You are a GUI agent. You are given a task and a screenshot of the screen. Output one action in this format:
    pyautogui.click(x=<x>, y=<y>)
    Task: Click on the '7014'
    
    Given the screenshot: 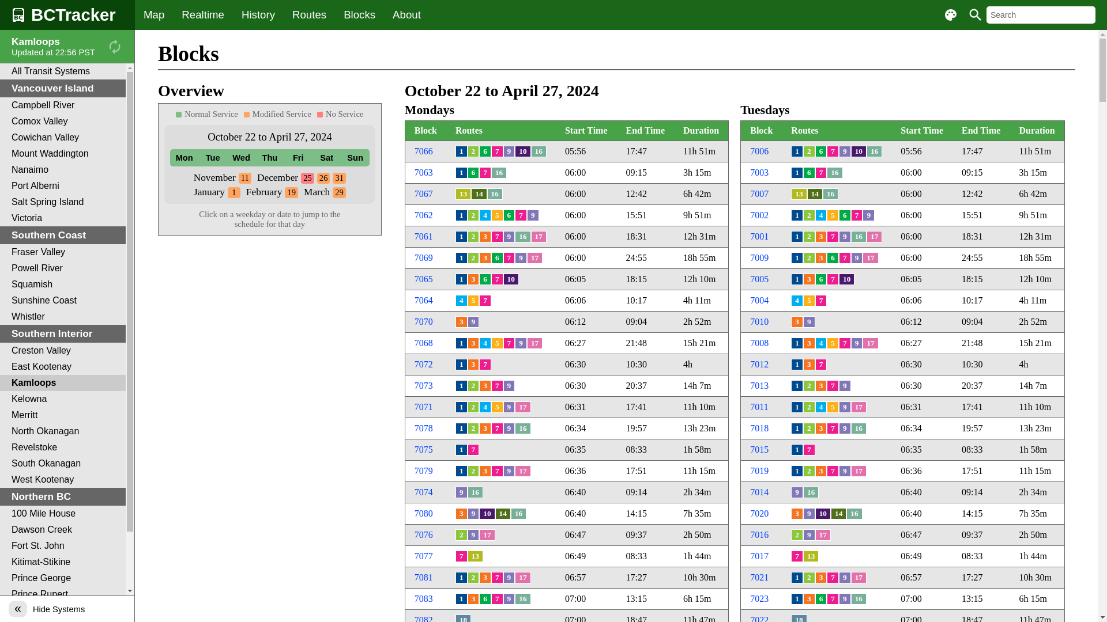 What is the action you would take?
    pyautogui.click(x=759, y=492)
    